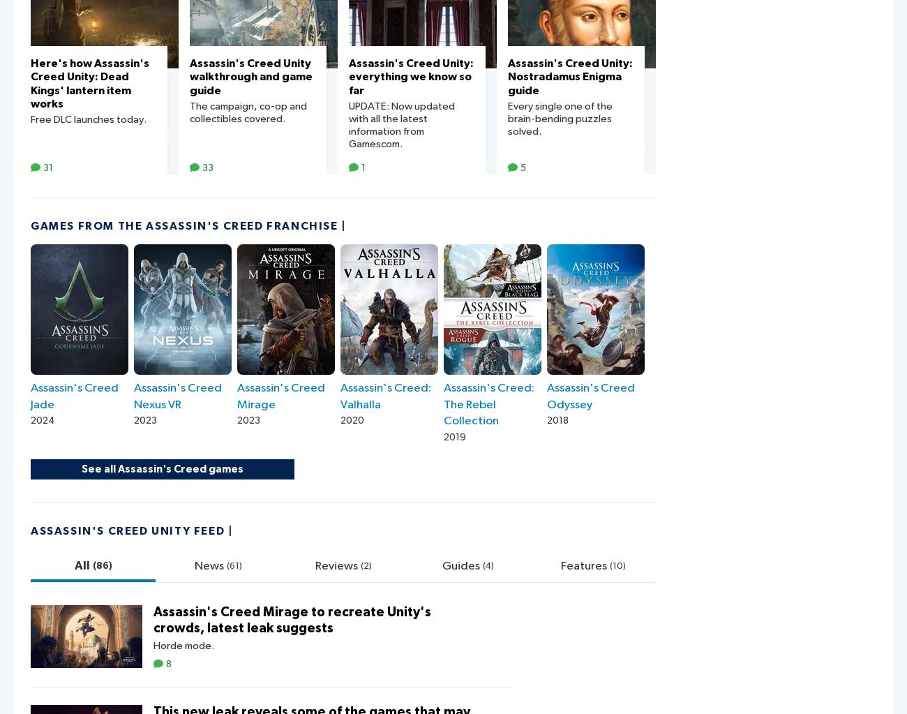 The width and height of the screenshot is (907, 714). I want to click on 'UPDATE: Now updated with all the latest information from Gamescom.', so click(401, 124).